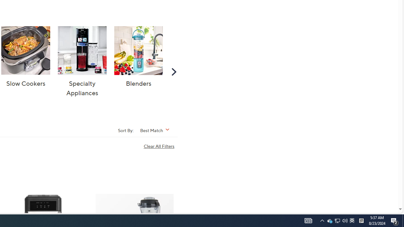  Describe the element at coordinates (25, 57) in the screenshot. I see `'Slow Cookers Slow Cookers'` at that location.